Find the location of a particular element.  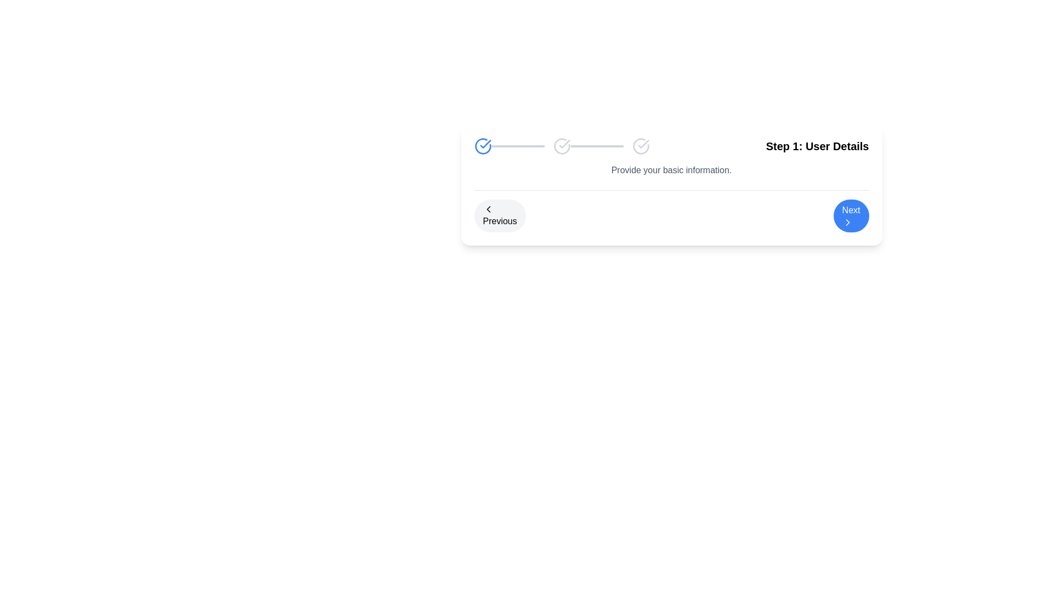

the progress tracker element labeled 'Step 1' is located at coordinates (671, 145).